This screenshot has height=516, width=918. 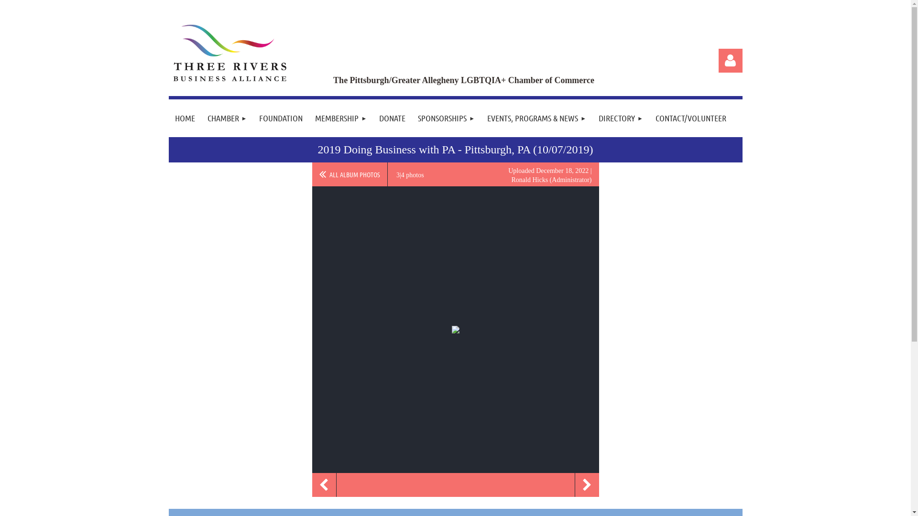 I want to click on 'SPONSORSHIPS', so click(x=446, y=118).